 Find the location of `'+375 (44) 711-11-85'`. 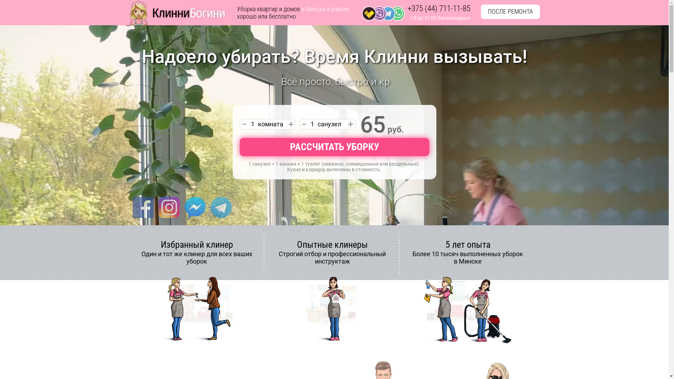

'+375 (44) 711-11-85' is located at coordinates (438, 8).